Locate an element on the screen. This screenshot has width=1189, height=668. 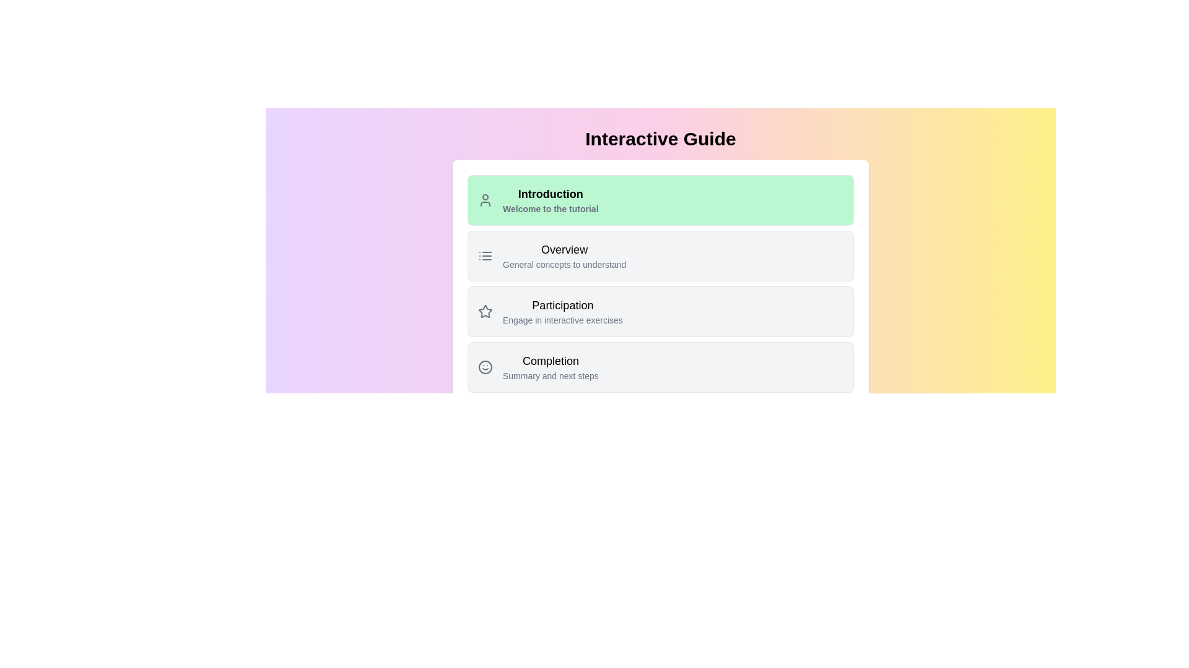
the selectable list item labeled 'Participation' that is located third in the vertical list, positioned between 'Overview' and 'Completion' is located at coordinates (660, 311).